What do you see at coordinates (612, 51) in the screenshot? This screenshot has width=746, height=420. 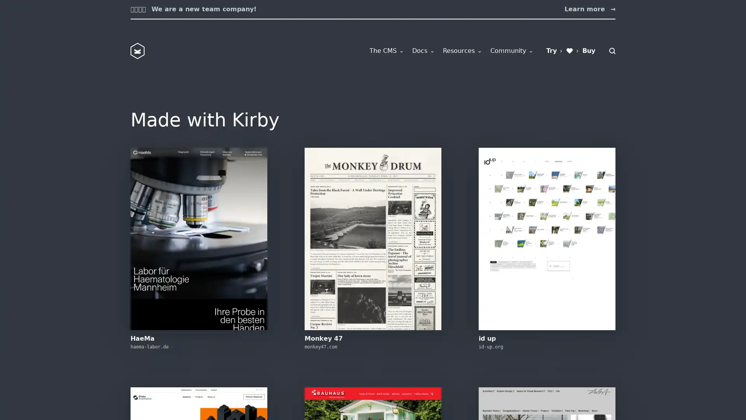 I see `Search` at bounding box center [612, 51].